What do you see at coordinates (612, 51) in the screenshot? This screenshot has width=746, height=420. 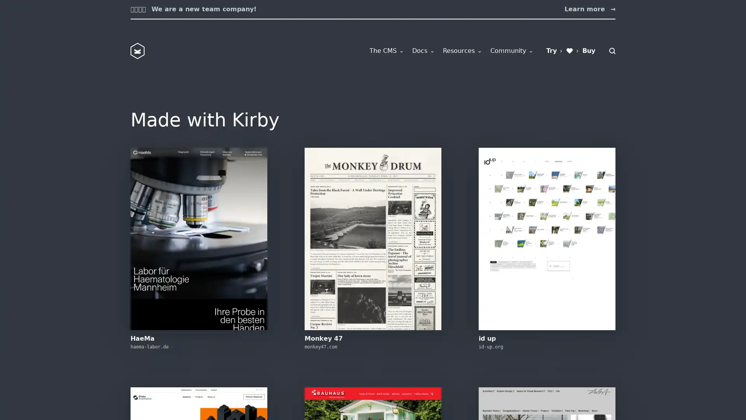 I see `Search` at bounding box center [612, 51].